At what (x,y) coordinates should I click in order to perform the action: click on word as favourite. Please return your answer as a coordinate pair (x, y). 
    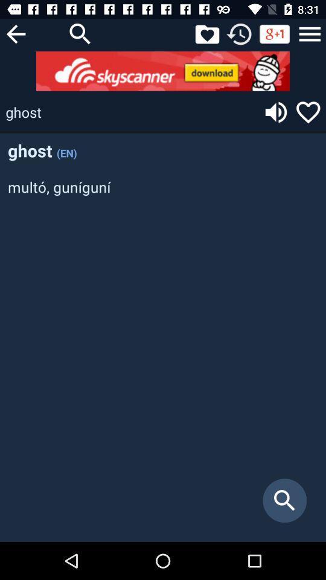
    Looking at the image, I should click on (308, 112).